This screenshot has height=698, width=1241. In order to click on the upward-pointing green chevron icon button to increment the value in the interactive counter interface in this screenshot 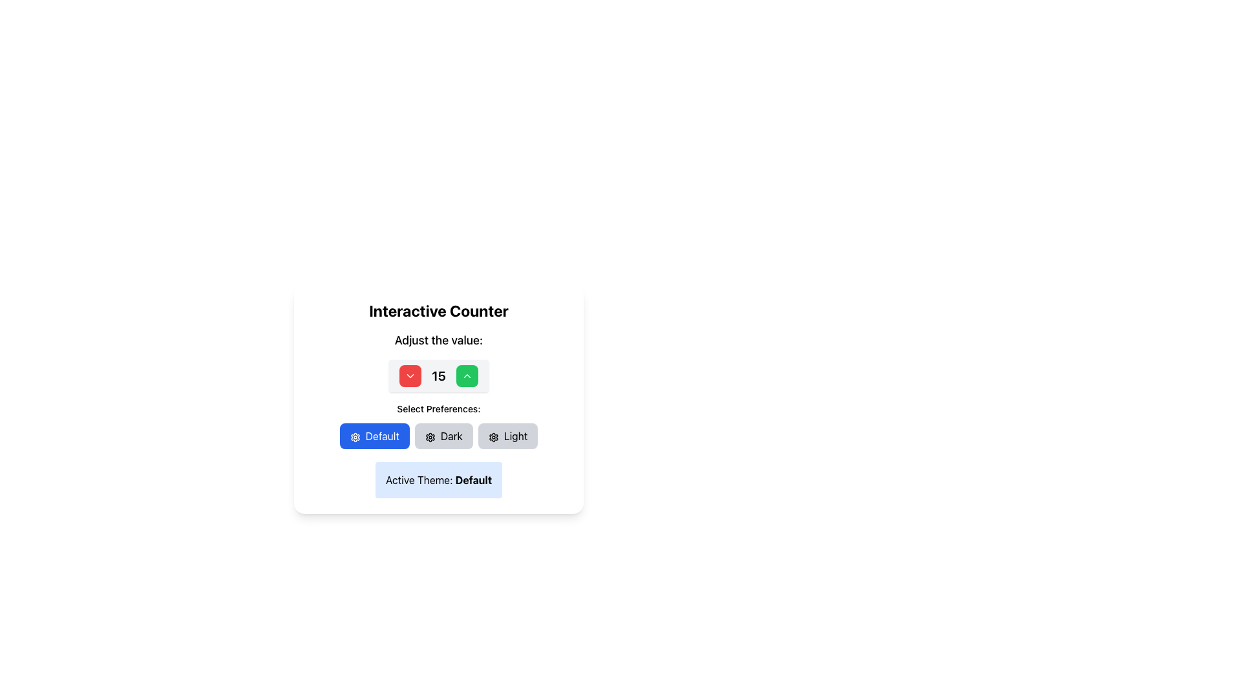, I will do `click(465, 376)`.